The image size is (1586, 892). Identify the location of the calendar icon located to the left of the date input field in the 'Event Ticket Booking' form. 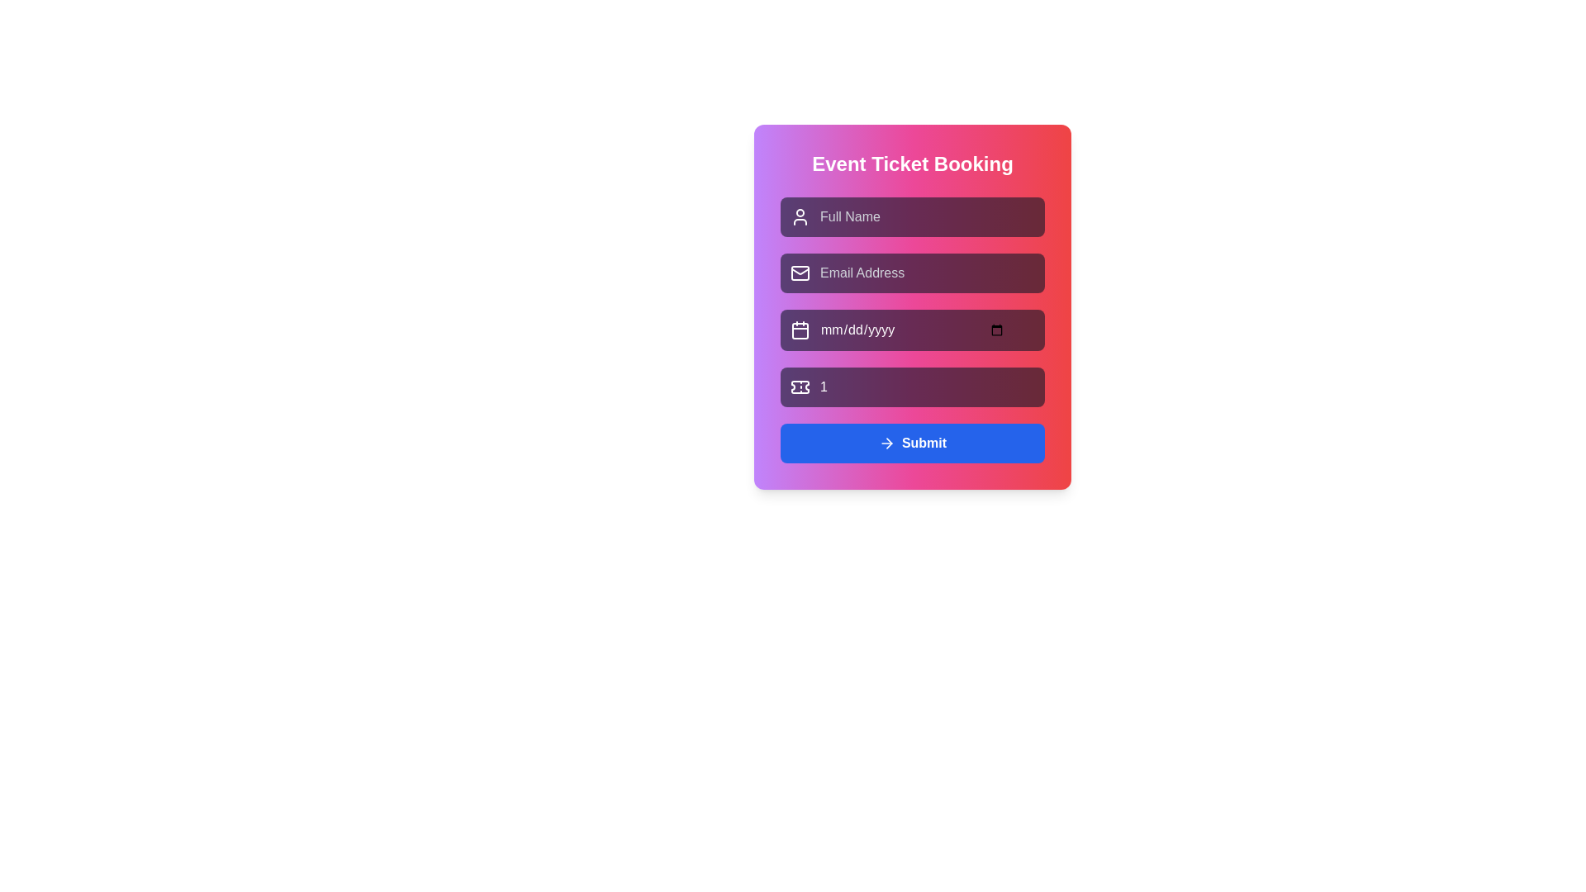
(800, 331).